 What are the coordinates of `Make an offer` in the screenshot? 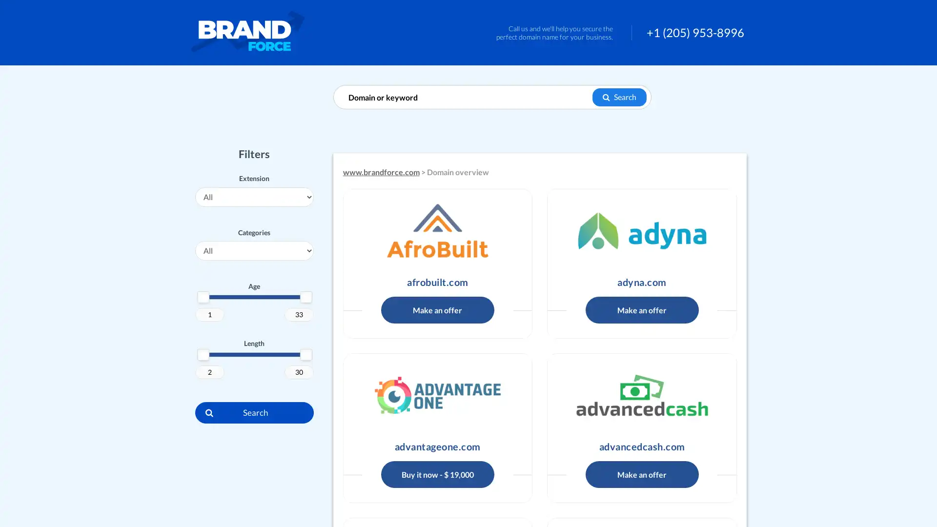 It's located at (642, 309).